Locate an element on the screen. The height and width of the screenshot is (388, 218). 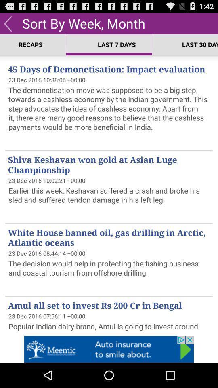
go back is located at coordinates (7, 23).